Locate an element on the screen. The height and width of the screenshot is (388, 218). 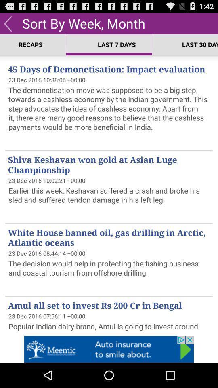
go back is located at coordinates (7, 23).